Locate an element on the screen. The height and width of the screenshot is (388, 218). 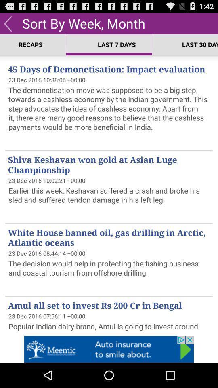
go back is located at coordinates (7, 23).